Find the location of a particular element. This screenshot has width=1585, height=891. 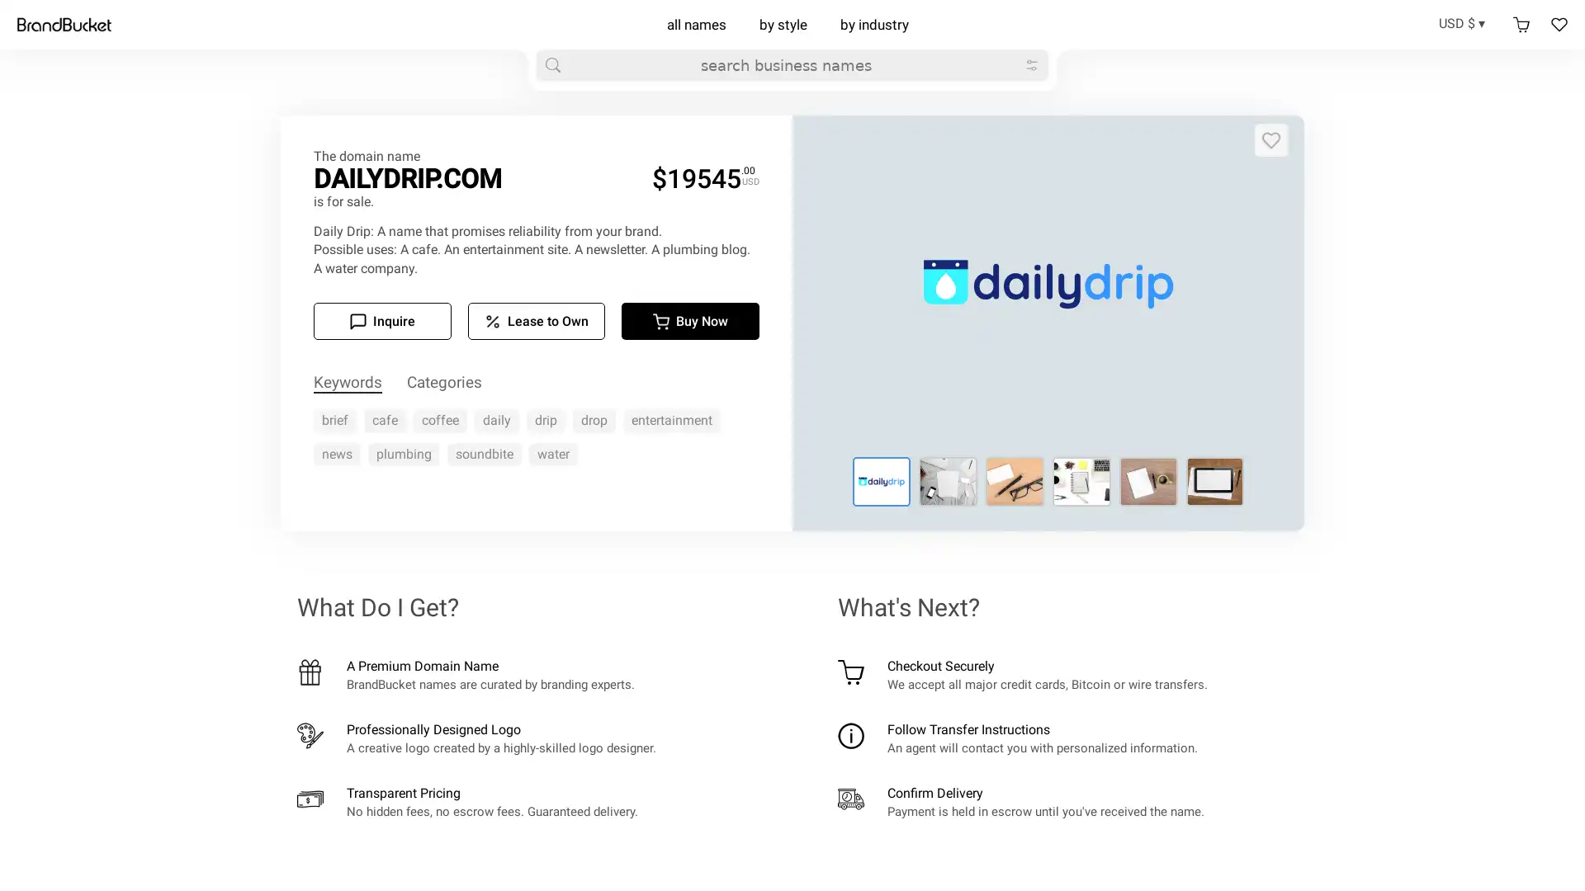

Logo for dailydrip.com is located at coordinates (948, 481).